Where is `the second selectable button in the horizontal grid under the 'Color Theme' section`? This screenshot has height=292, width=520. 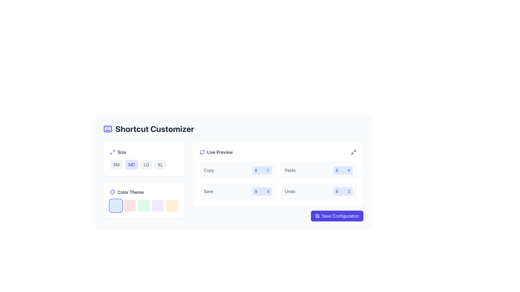
the second selectable button in the horizontal grid under the 'Color Theme' section is located at coordinates (129, 205).